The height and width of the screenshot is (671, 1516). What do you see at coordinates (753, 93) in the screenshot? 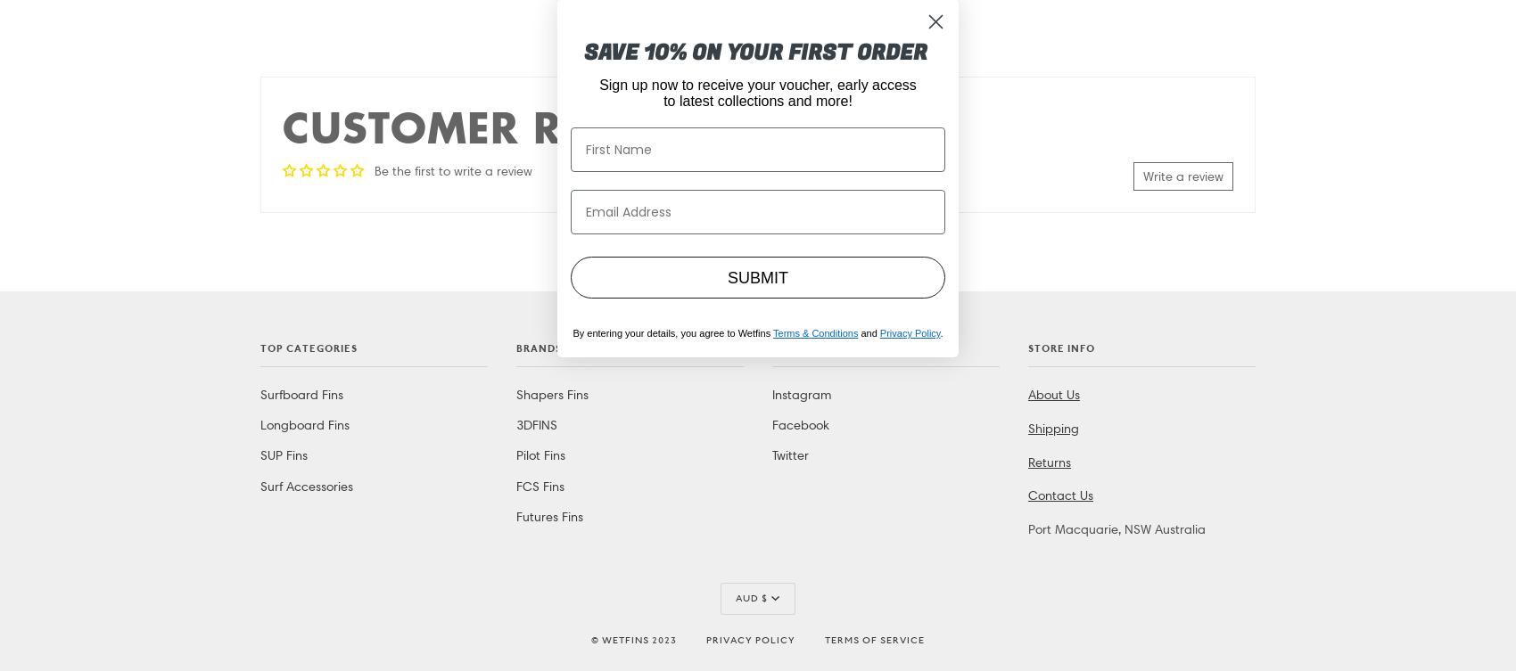
I see `'CDF Fr'` at bounding box center [753, 93].